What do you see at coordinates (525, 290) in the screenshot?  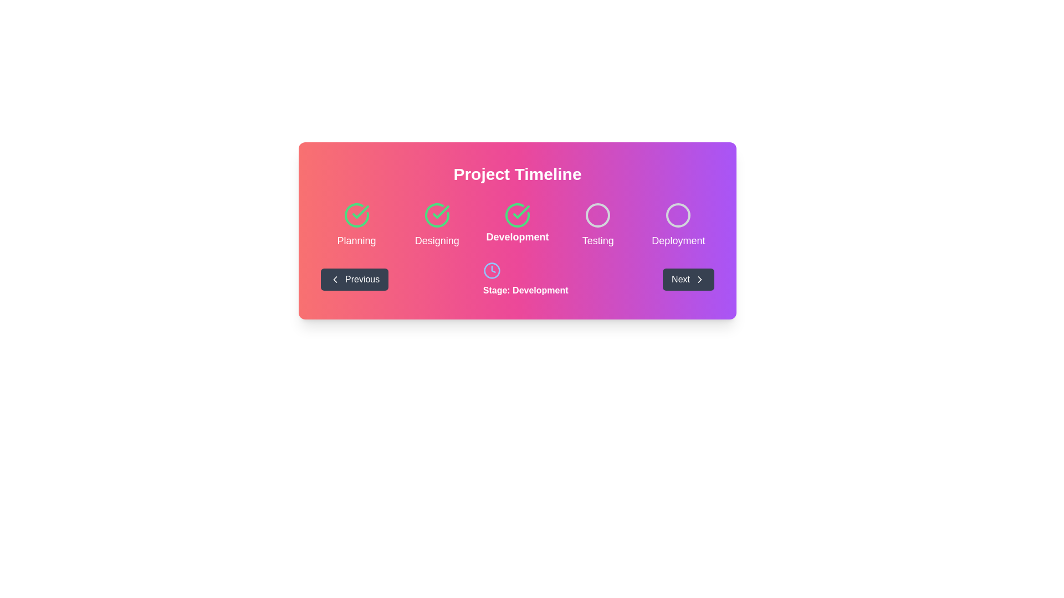 I see `the stylized text label displaying 'Stage: Development', which is centrally aligned below the corresponding clock icon` at bounding box center [525, 290].